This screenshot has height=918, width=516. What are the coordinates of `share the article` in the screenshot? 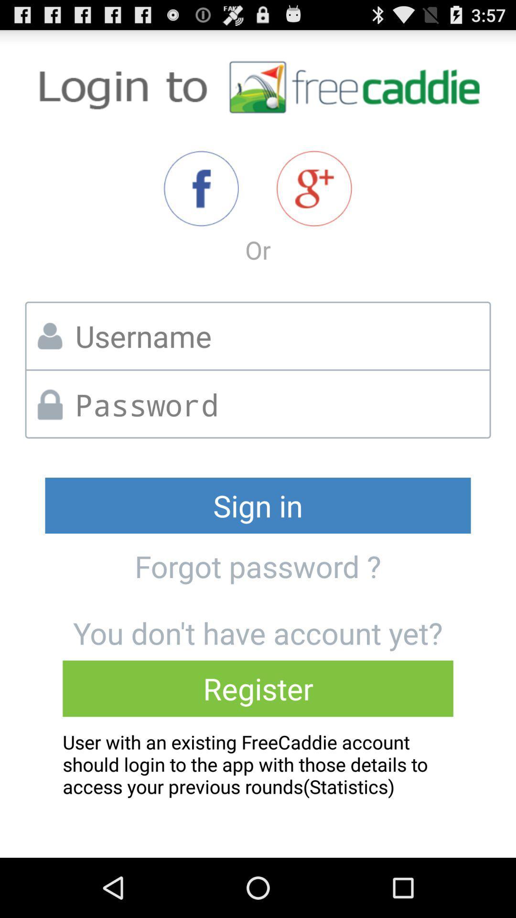 It's located at (314, 188).